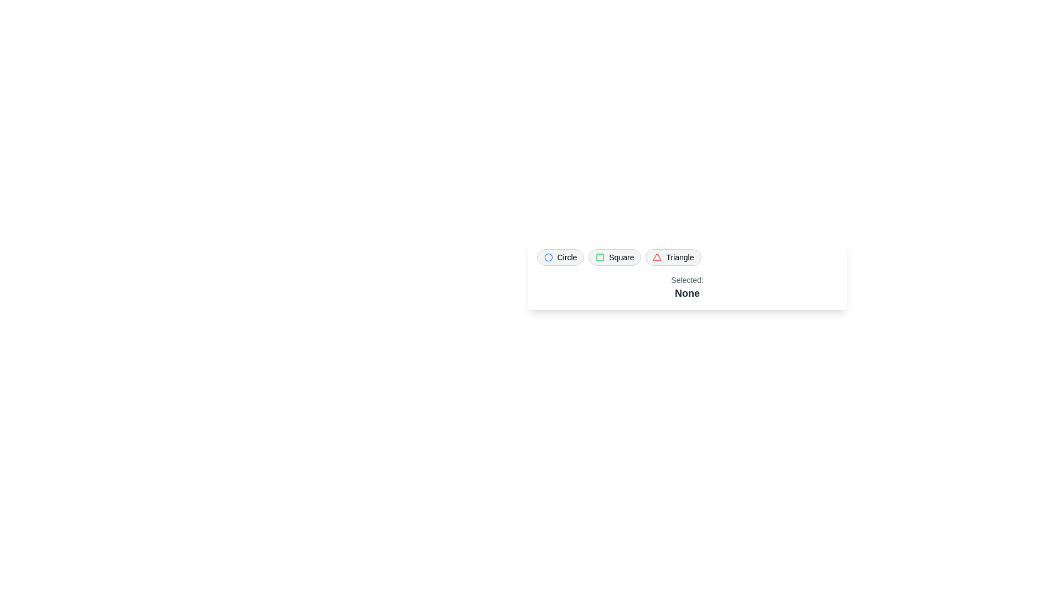 Image resolution: width=1063 pixels, height=598 pixels. I want to click on the chip labeled Circle, so click(560, 257).